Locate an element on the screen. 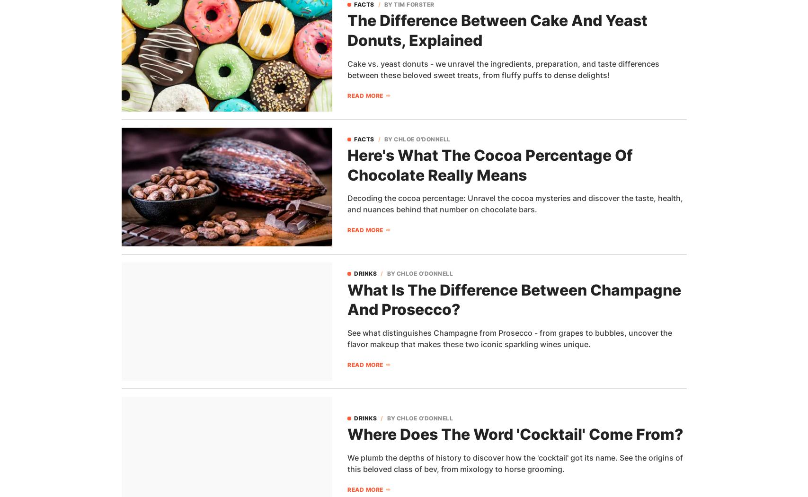  'Cake vs. yeast donuts - we unravel the ingredients, preparation, and taste differences between these beloved sweet treats, from fluffy puffs to dense delights!' is located at coordinates (347, 68).